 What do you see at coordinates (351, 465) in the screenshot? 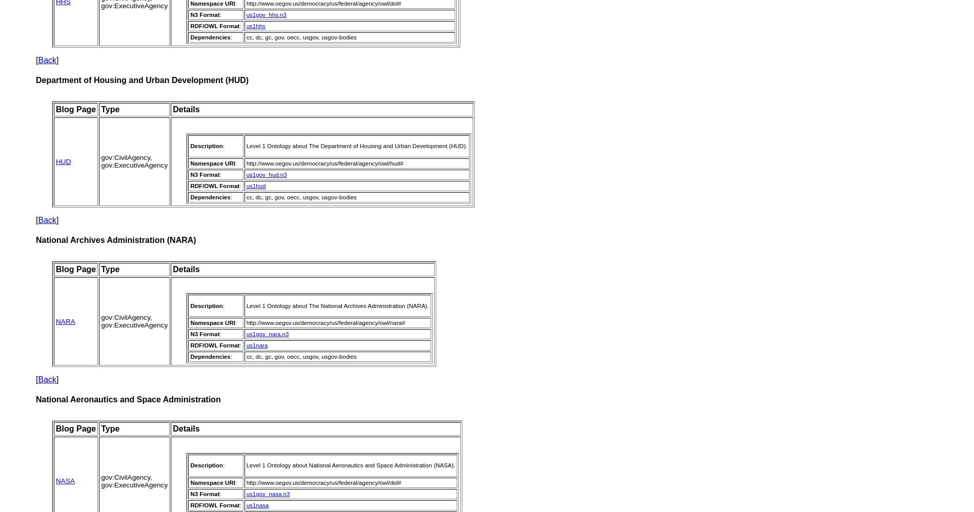
I see `'Level 1 Ontology about National Aeronautics and Space Administration (NASA).'` at bounding box center [351, 465].